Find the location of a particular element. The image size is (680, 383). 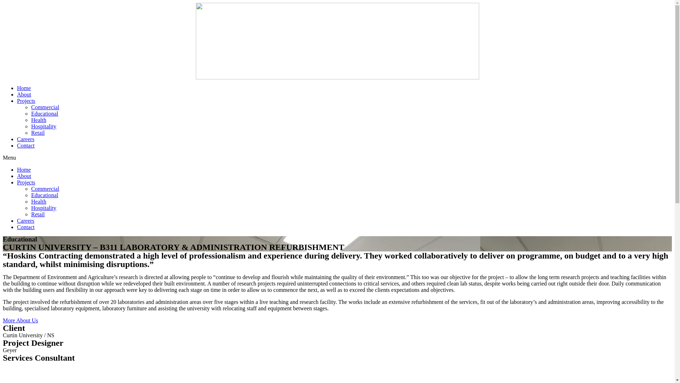

'About' is located at coordinates (17, 94).